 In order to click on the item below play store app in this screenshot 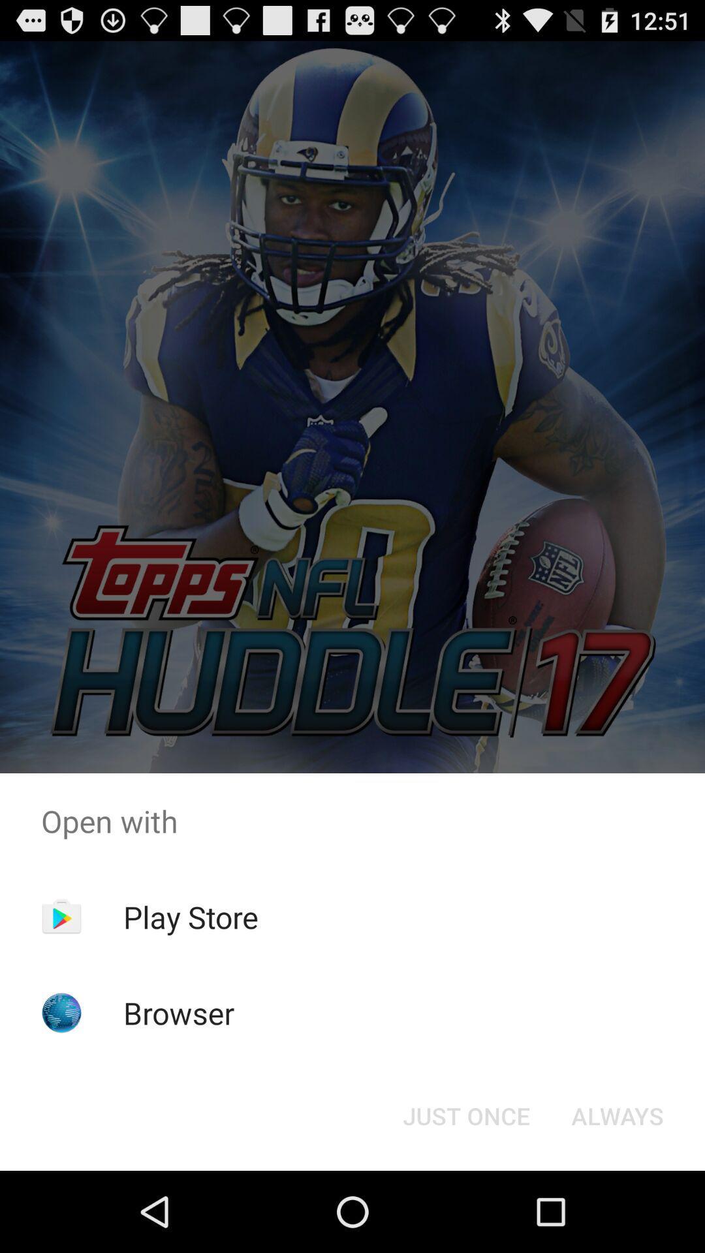, I will do `click(179, 1012)`.